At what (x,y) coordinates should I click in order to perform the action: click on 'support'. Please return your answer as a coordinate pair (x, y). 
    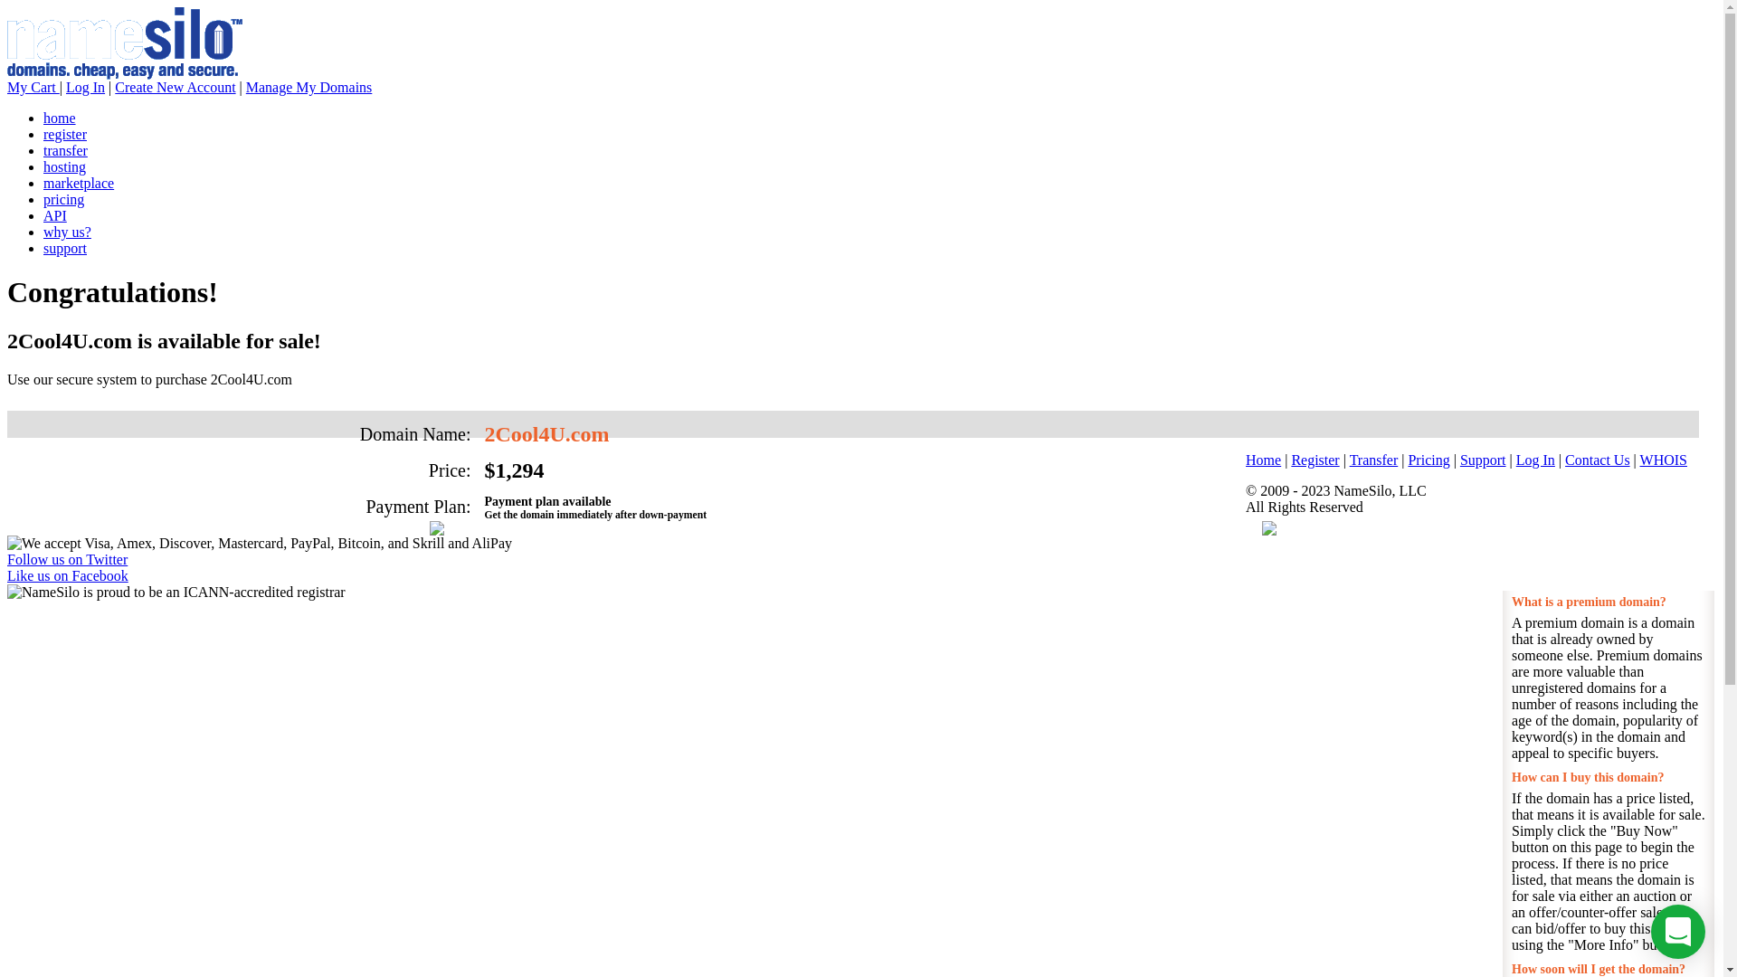
    Looking at the image, I should click on (65, 248).